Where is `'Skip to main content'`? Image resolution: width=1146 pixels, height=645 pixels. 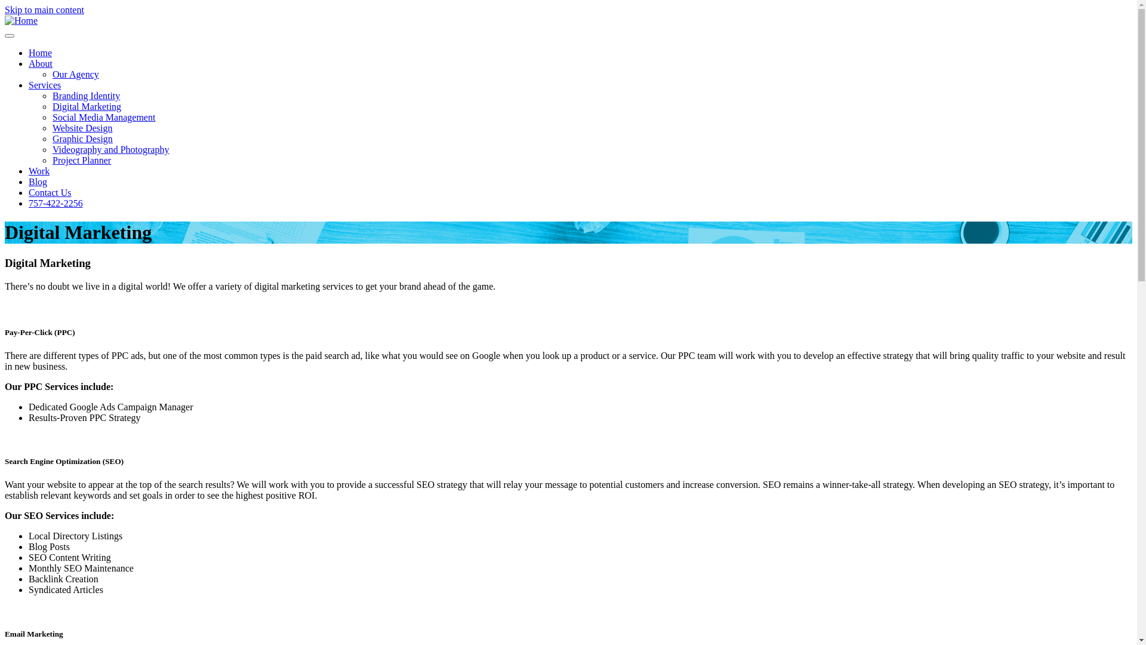 'Skip to main content' is located at coordinates (44, 10).